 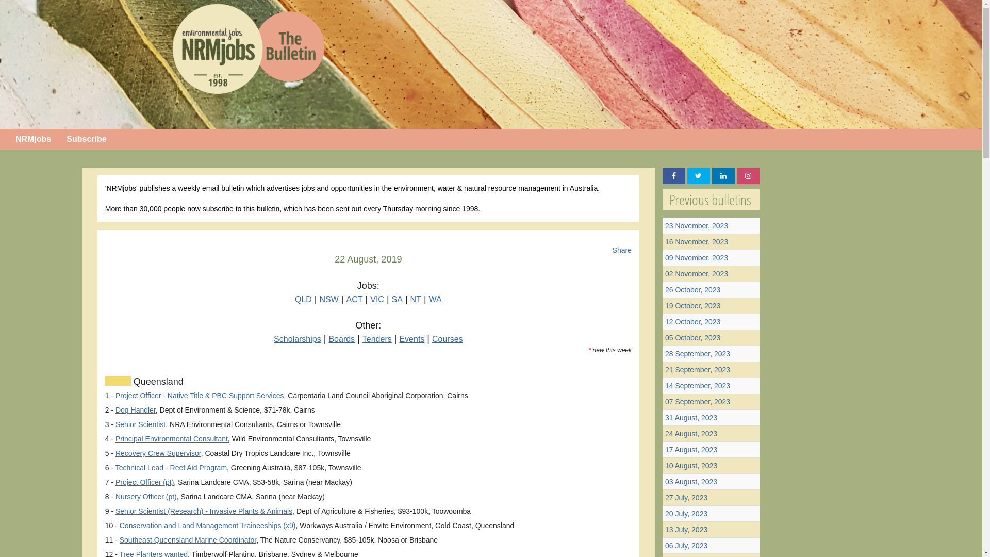 What do you see at coordinates (86, 139) in the screenshot?
I see `'Subscribe'` at bounding box center [86, 139].